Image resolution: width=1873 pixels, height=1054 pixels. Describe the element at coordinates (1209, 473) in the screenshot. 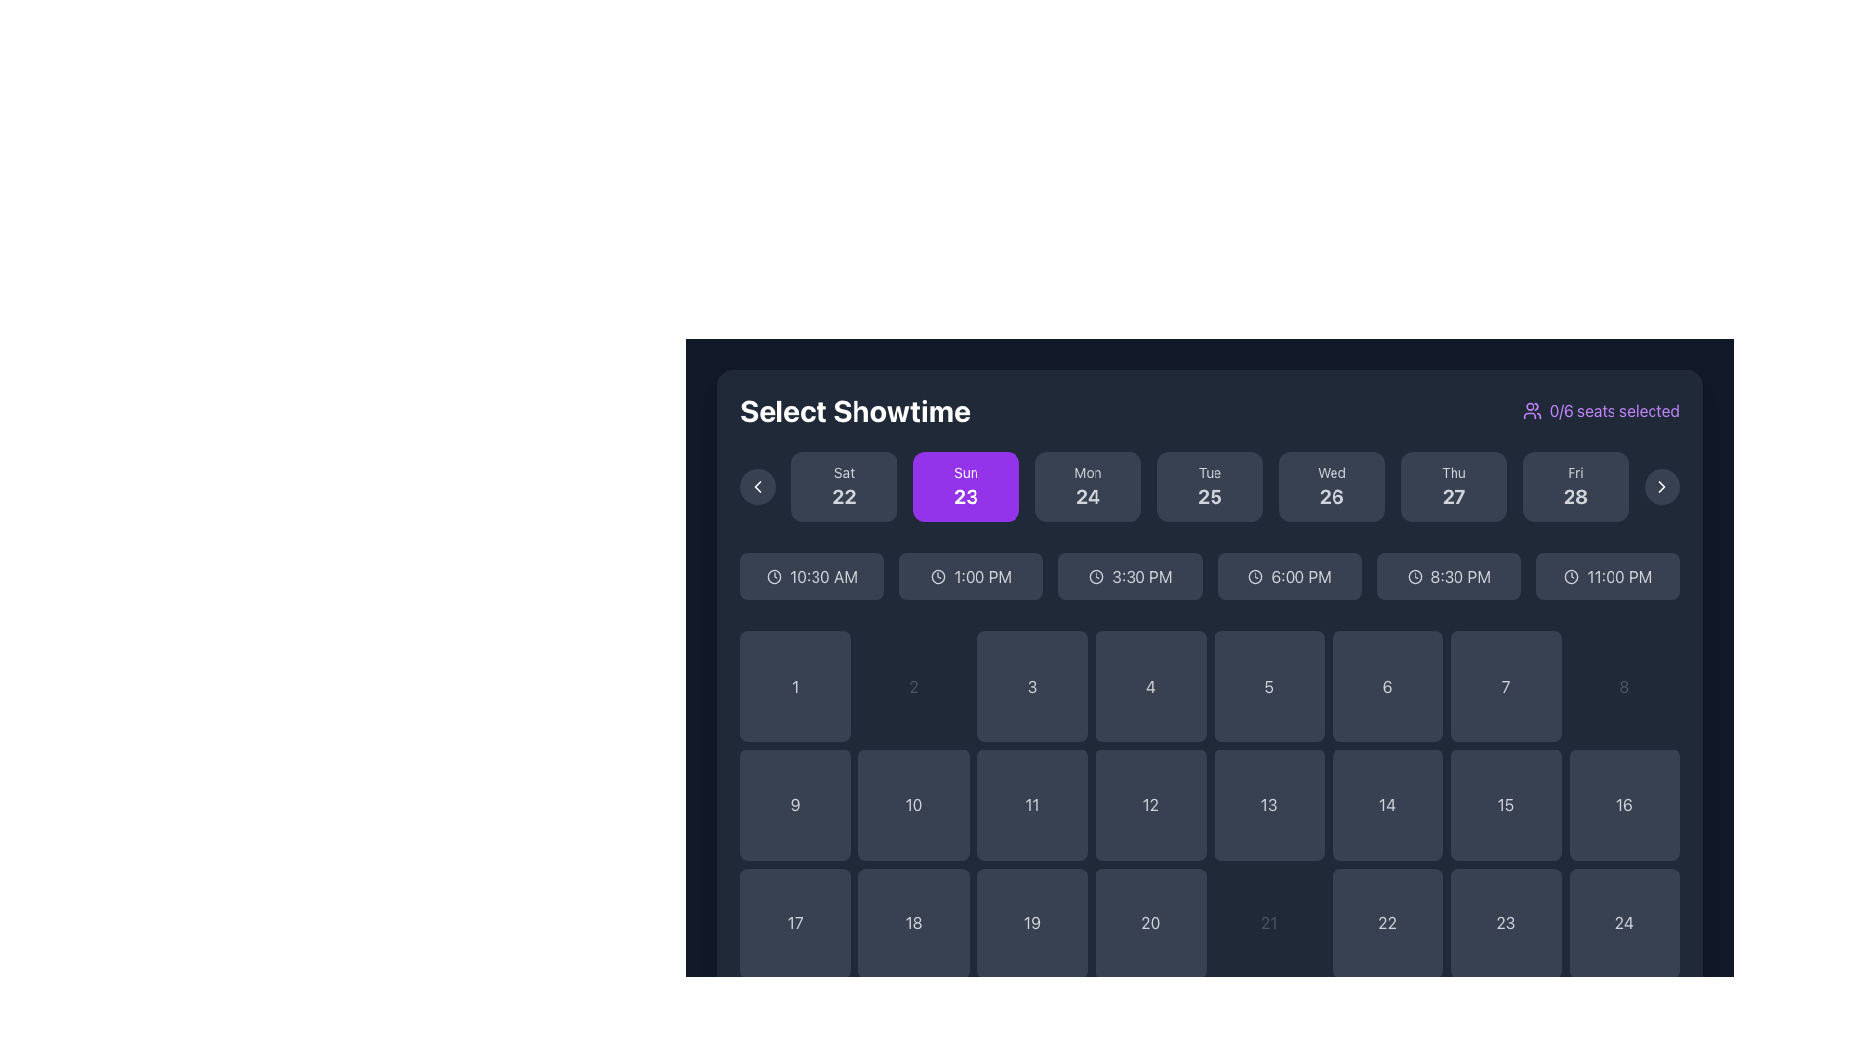

I see `the Text label indicating the day of the week associated with the date '25', which is positioned above the numeric component in the date selection UI` at that location.